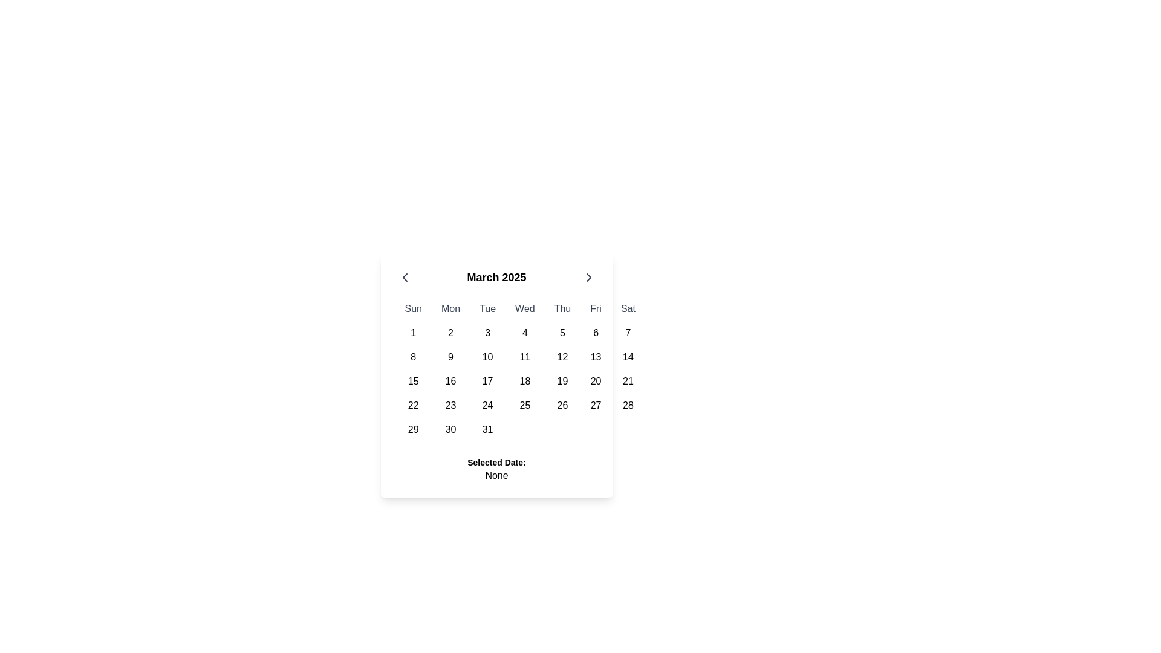 The height and width of the screenshot is (653, 1161). Describe the element at coordinates (496, 278) in the screenshot. I see `the static text label displaying the current month and year in the calendar view, located at the center of the header` at that location.